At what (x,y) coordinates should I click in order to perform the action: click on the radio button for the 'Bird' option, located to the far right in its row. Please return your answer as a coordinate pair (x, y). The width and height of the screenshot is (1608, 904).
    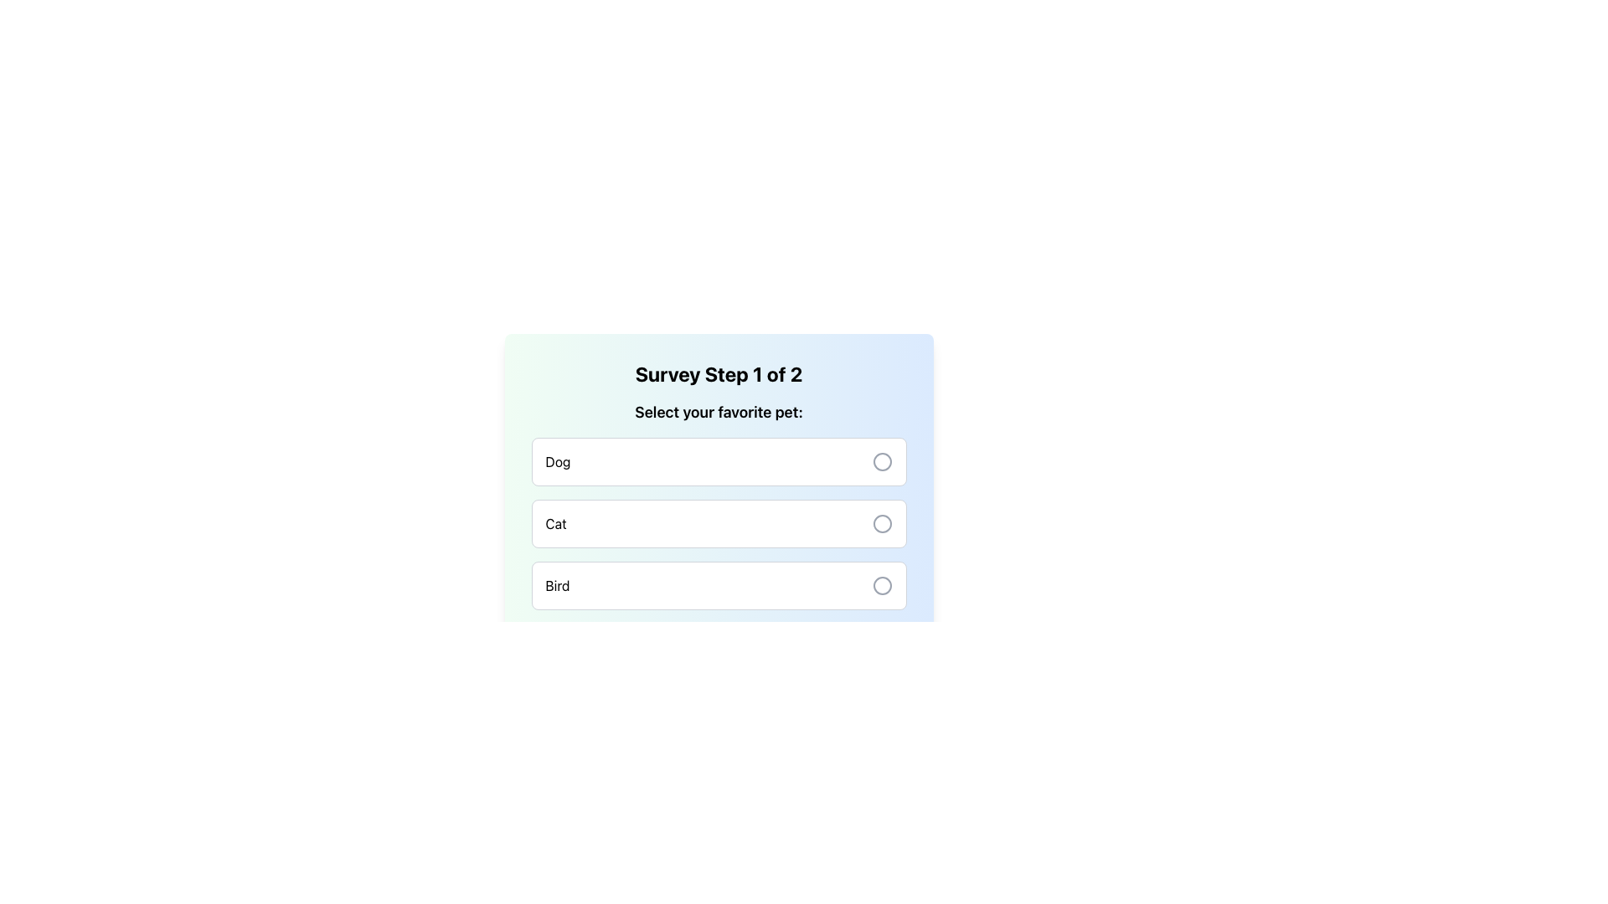
    Looking at the image, I should click on (881, 584).